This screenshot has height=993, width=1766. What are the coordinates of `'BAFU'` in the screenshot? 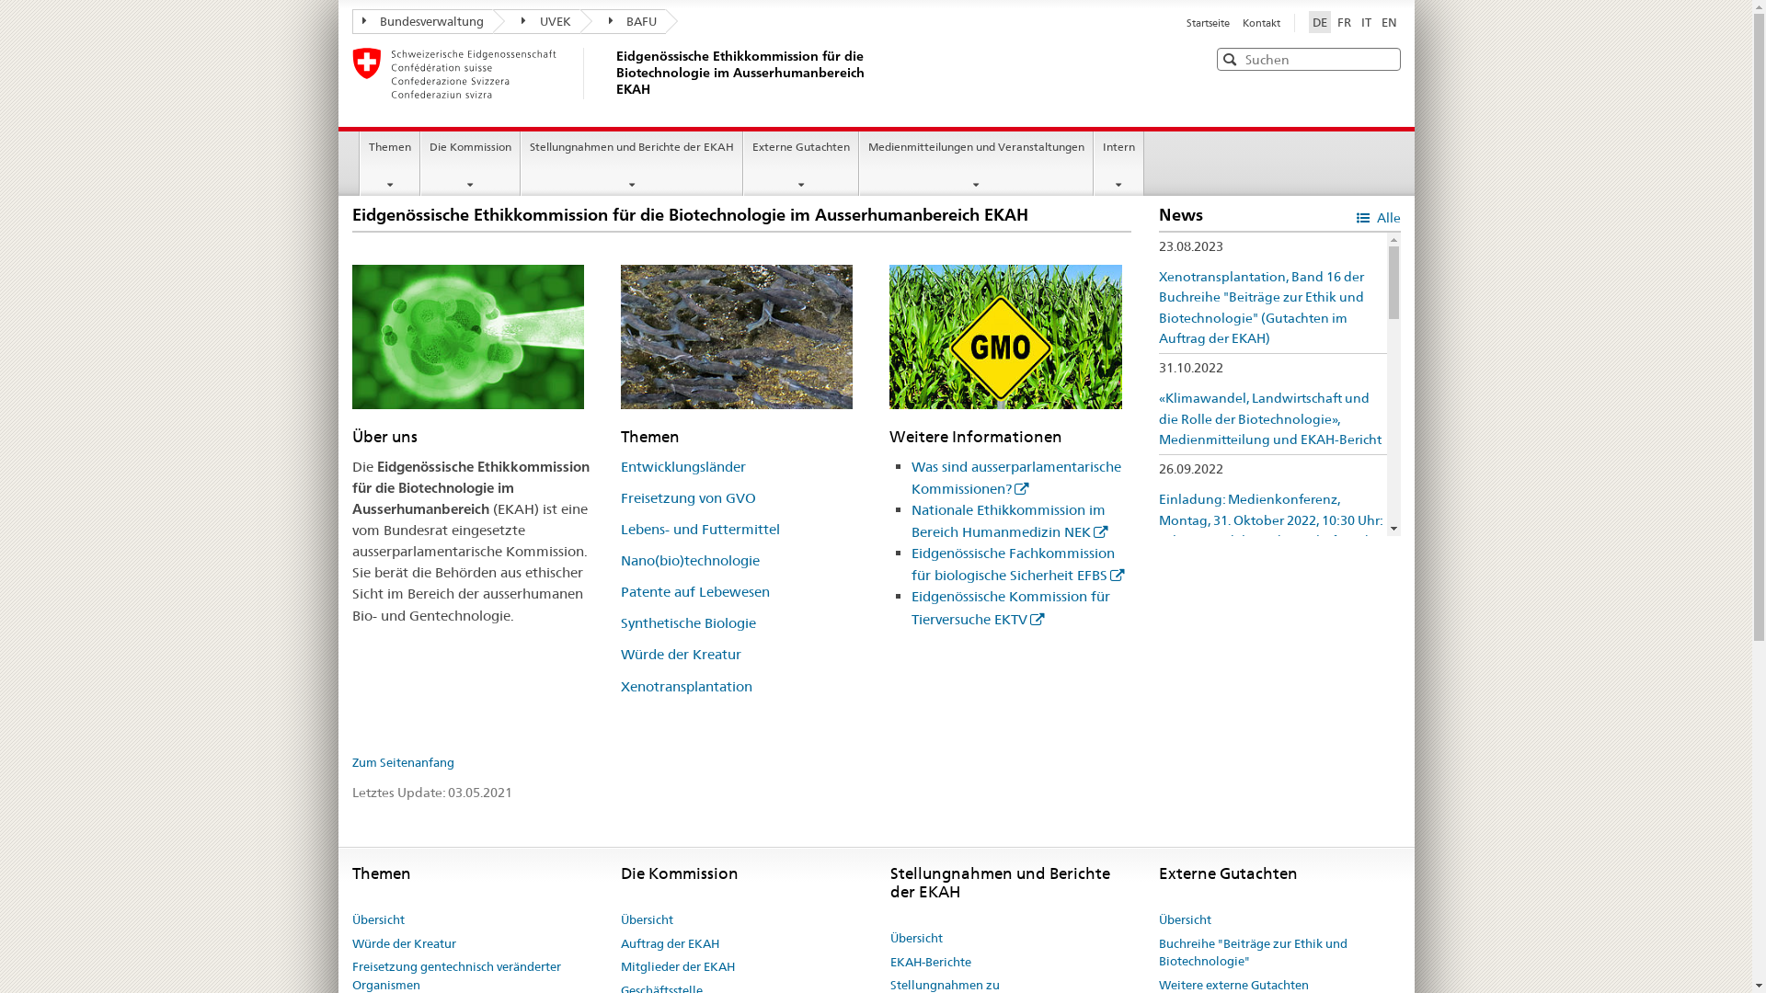 It's located at (622, 21).